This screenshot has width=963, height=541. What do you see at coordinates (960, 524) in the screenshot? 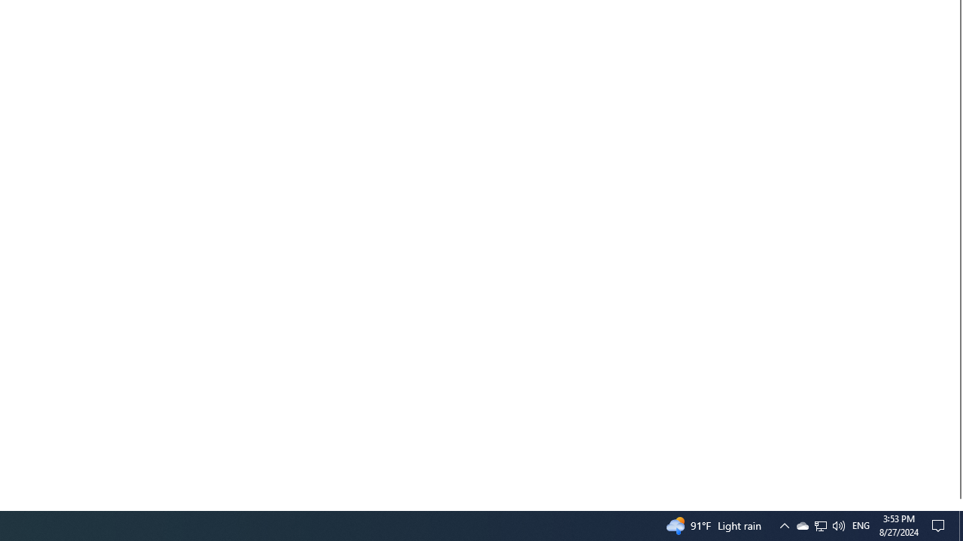
I see `'Show desktop'` at bounding box center [960, 524].